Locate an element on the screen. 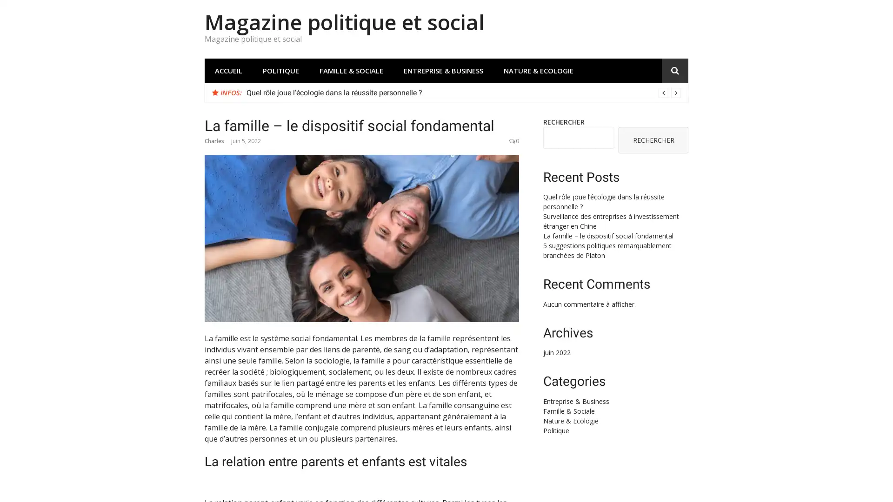 The width and height of the screenshot is (893, 502). RECHERCHER is located at coordinates (653, 139).